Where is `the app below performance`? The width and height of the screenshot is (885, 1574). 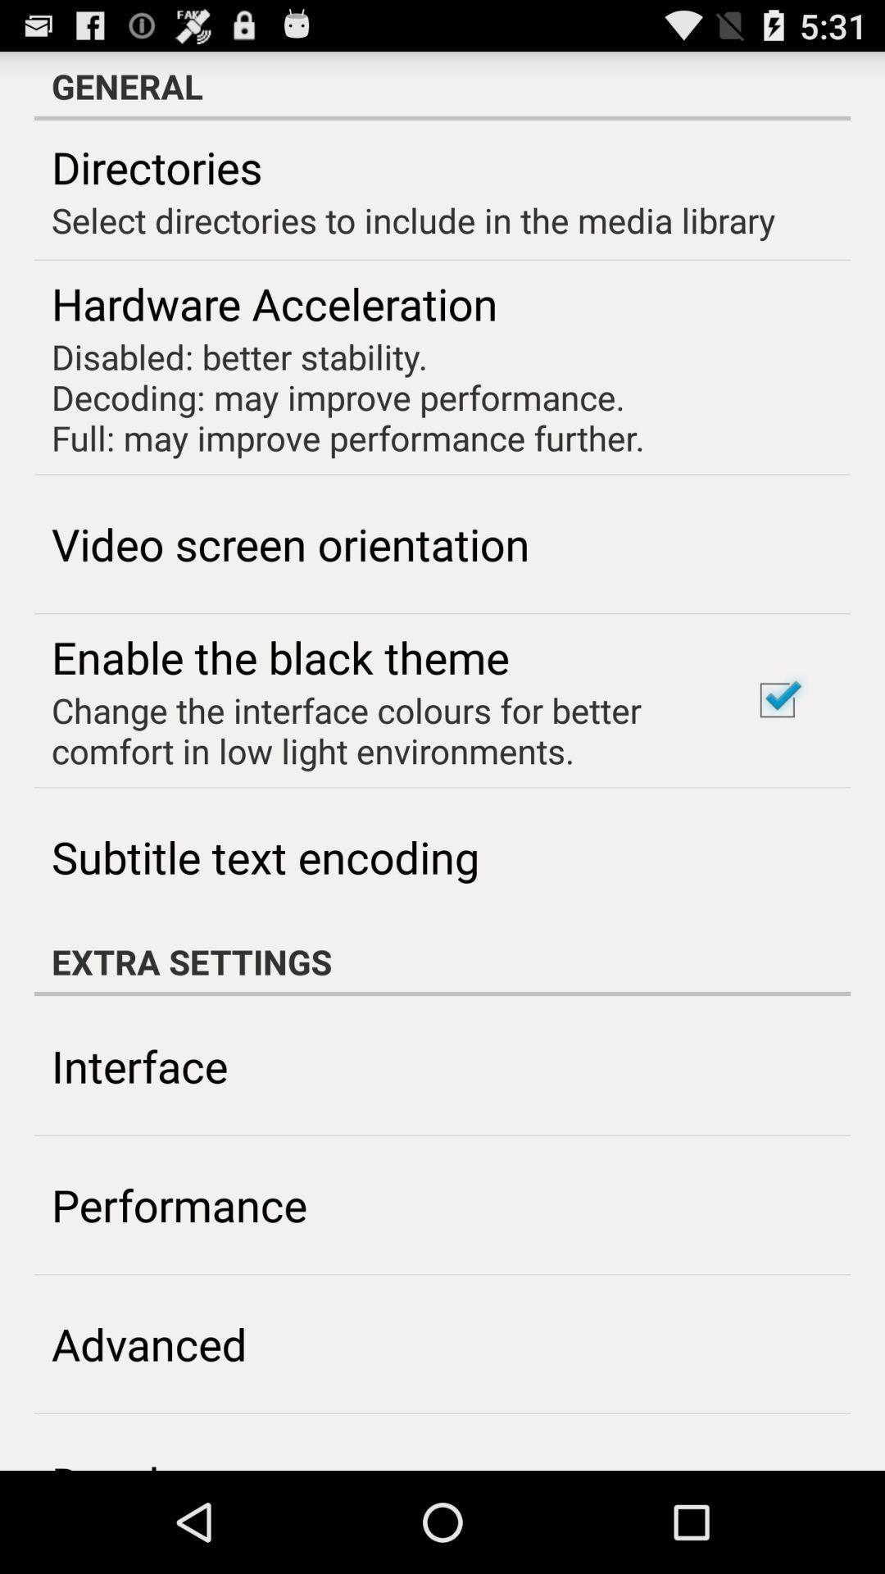 the app below performance is located at coordinates (149, 1344).